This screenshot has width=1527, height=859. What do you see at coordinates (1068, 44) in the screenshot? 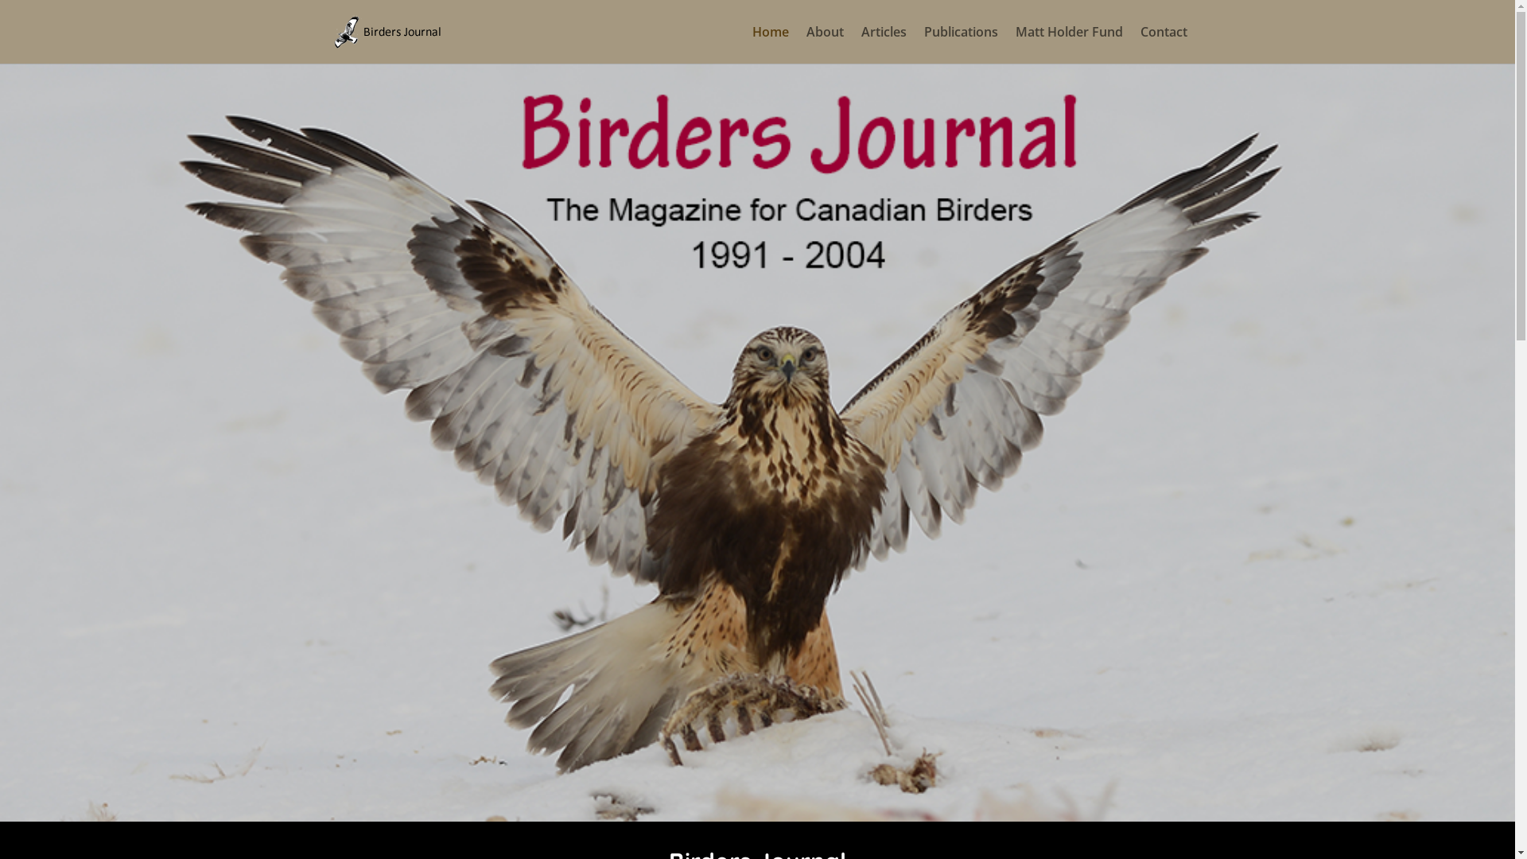
I see `'Matt Holder Fund'` at bounding box center [1068, 44].